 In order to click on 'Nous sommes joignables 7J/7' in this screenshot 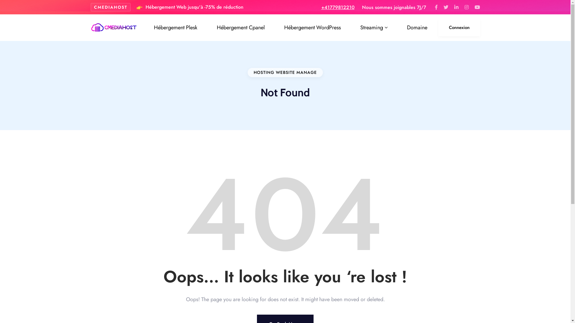, I will do `click(361, 7)`.